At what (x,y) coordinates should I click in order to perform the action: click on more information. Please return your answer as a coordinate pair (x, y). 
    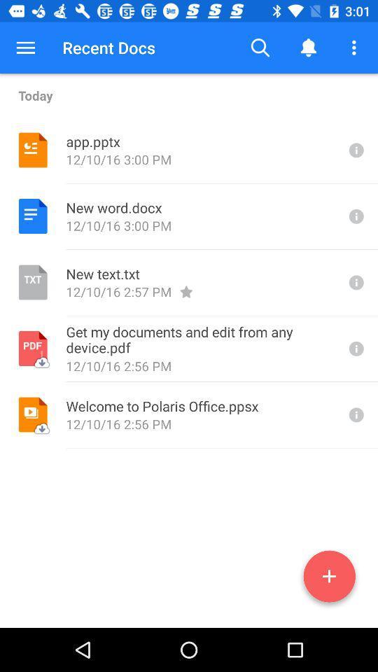
    Looking at the image, I should click on (355, 414).